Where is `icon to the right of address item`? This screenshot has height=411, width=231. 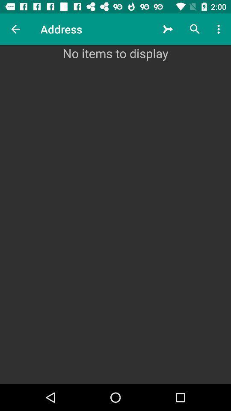 icon to the right of address item is located at coordinates (168, 29).